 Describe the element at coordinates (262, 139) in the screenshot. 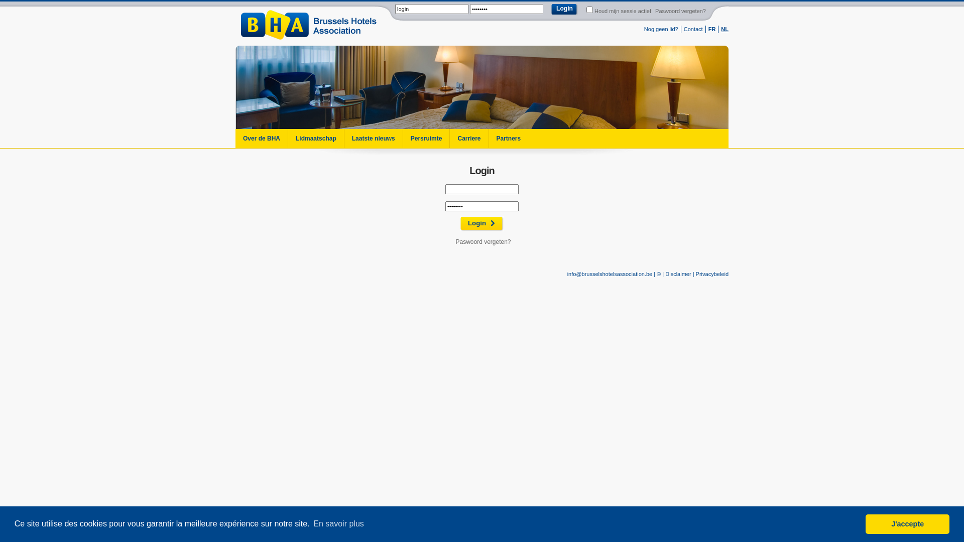

I see `'Over de BHA'` at that location.